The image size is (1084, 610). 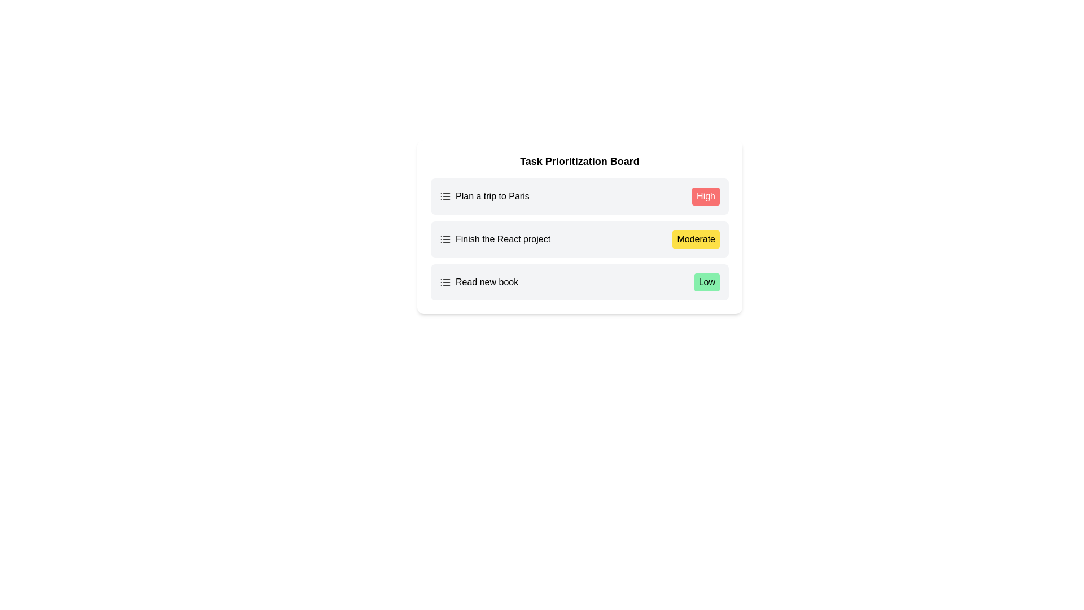 I want to click on the task list entry displaying the task name and priority details located at the bottom of the list, just to the left of the green 'Low' status label, so click(x=479, y=282).